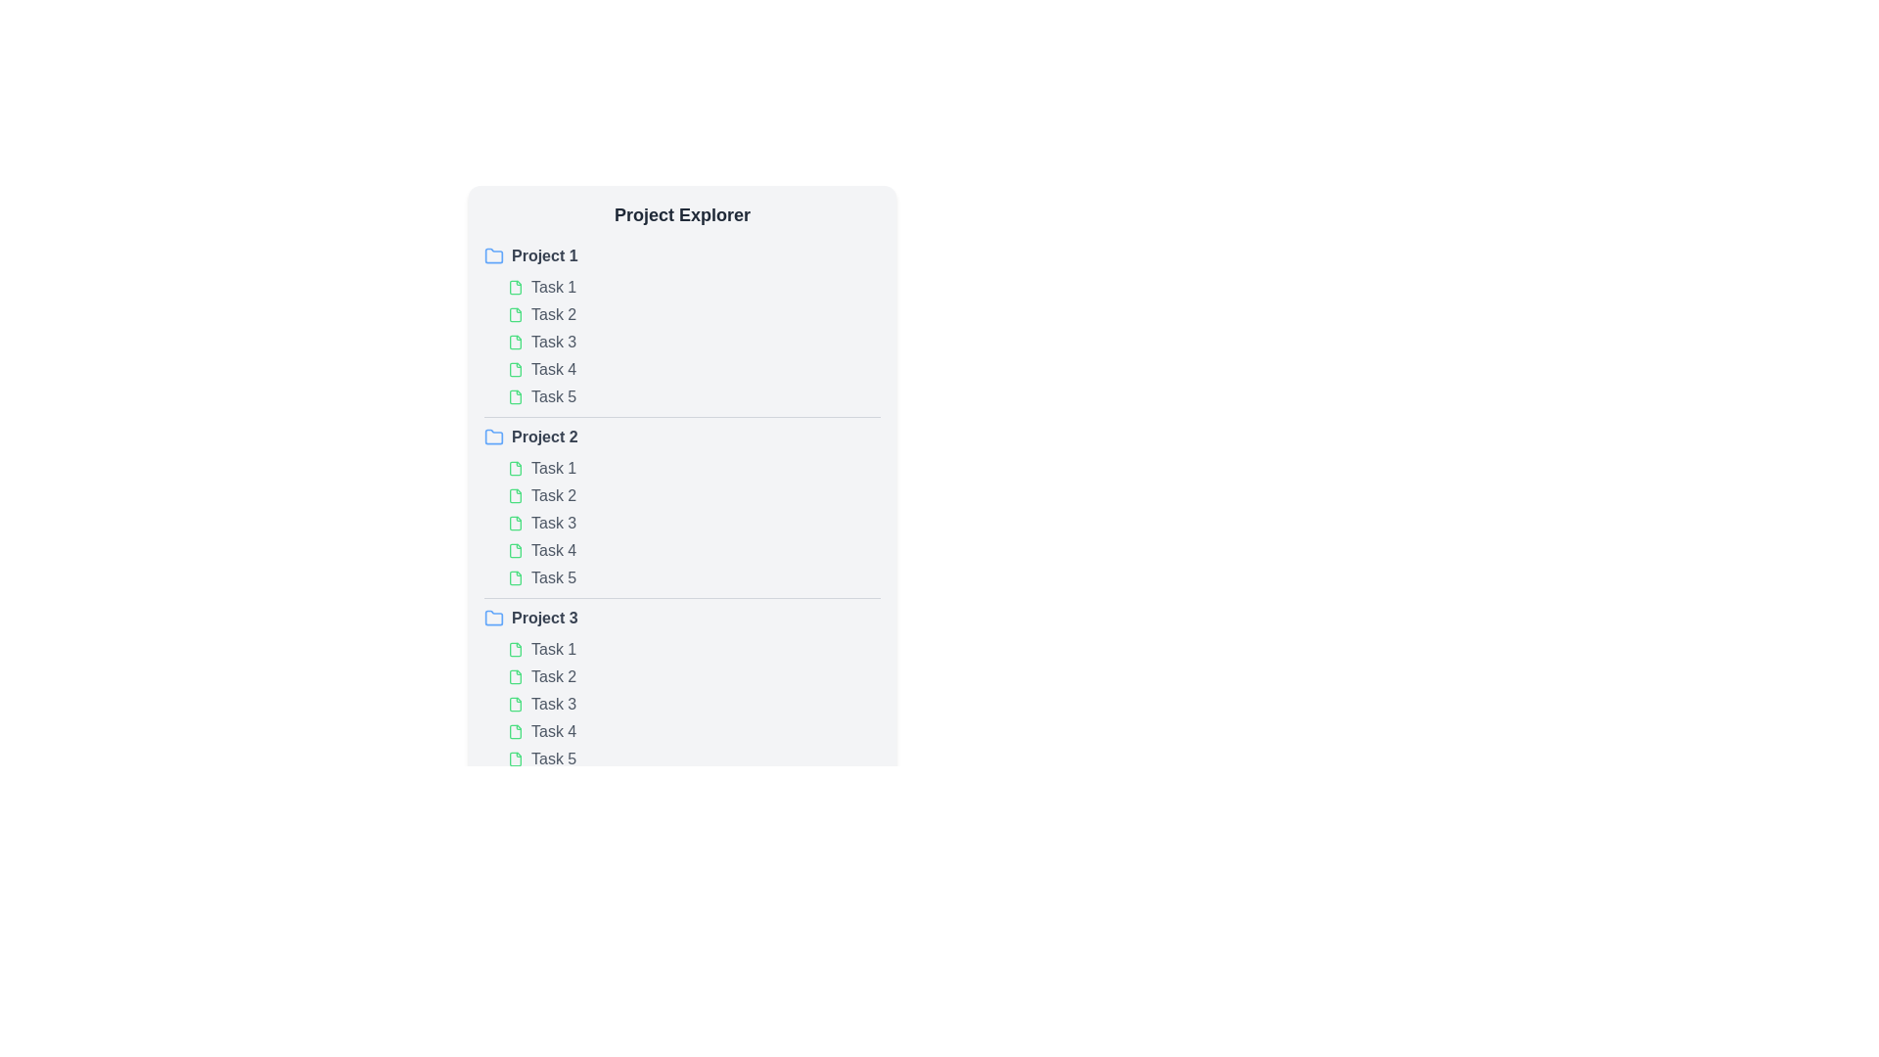  Describe the element at coordinates (516, 313) in the screenshot. I see `the icon representing 'Task 2' located in the first project block of the project explorer` at that location.